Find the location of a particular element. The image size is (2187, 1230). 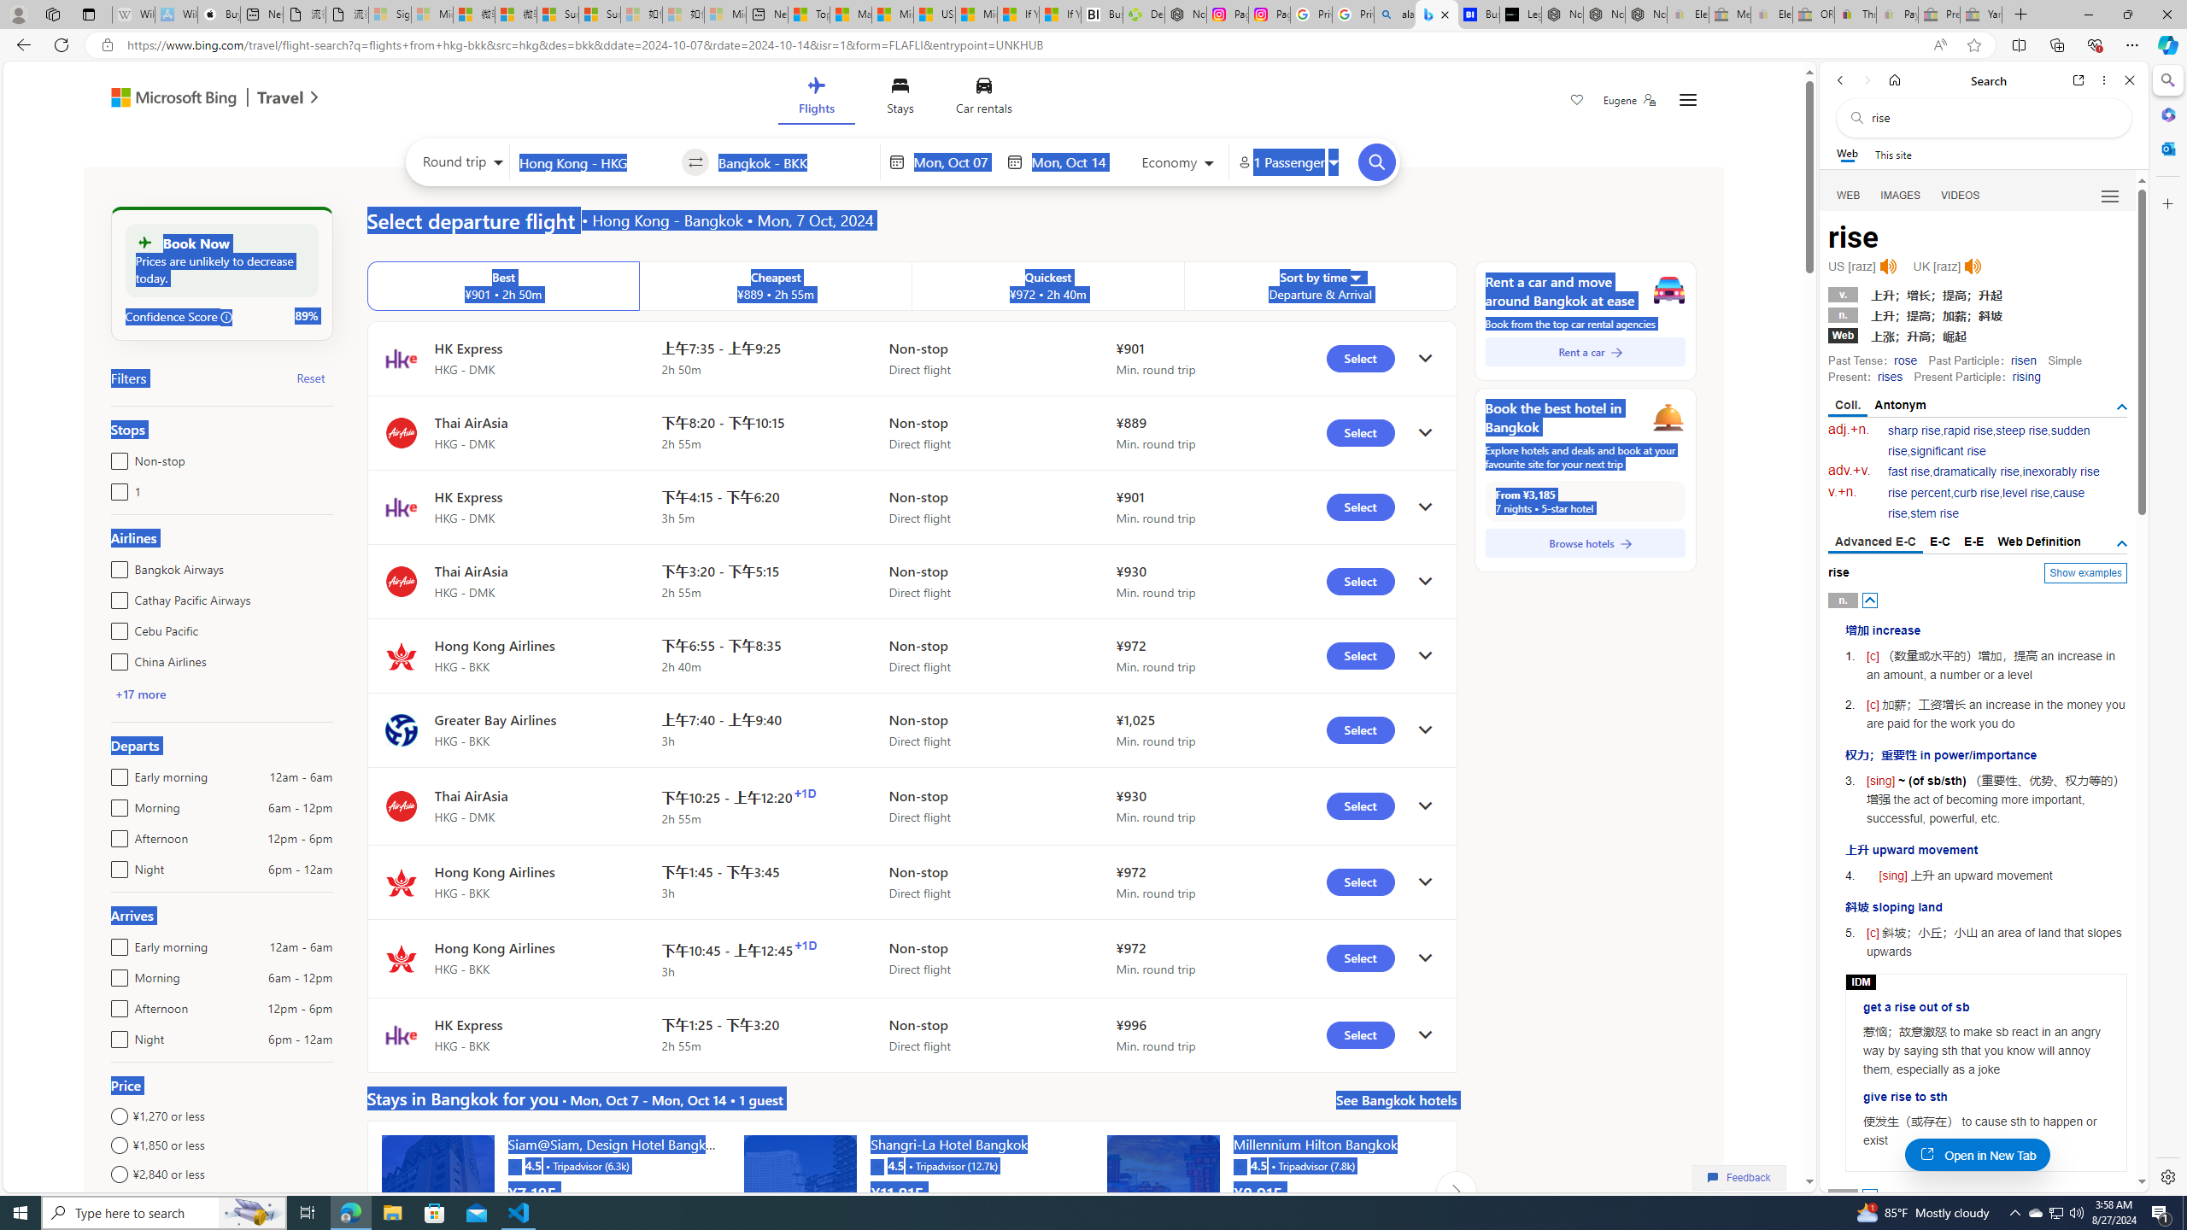

'China Airlines' is located at coordinates (114, 658).